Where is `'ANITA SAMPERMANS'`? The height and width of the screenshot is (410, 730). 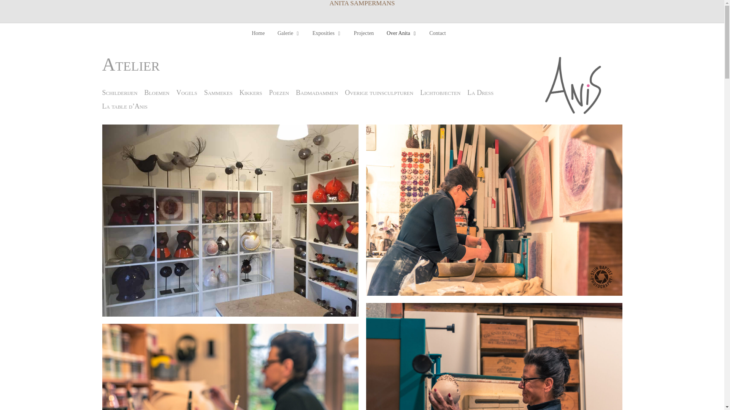
'ANITA SAMPERMANS' is located at coordinates (329, 3).